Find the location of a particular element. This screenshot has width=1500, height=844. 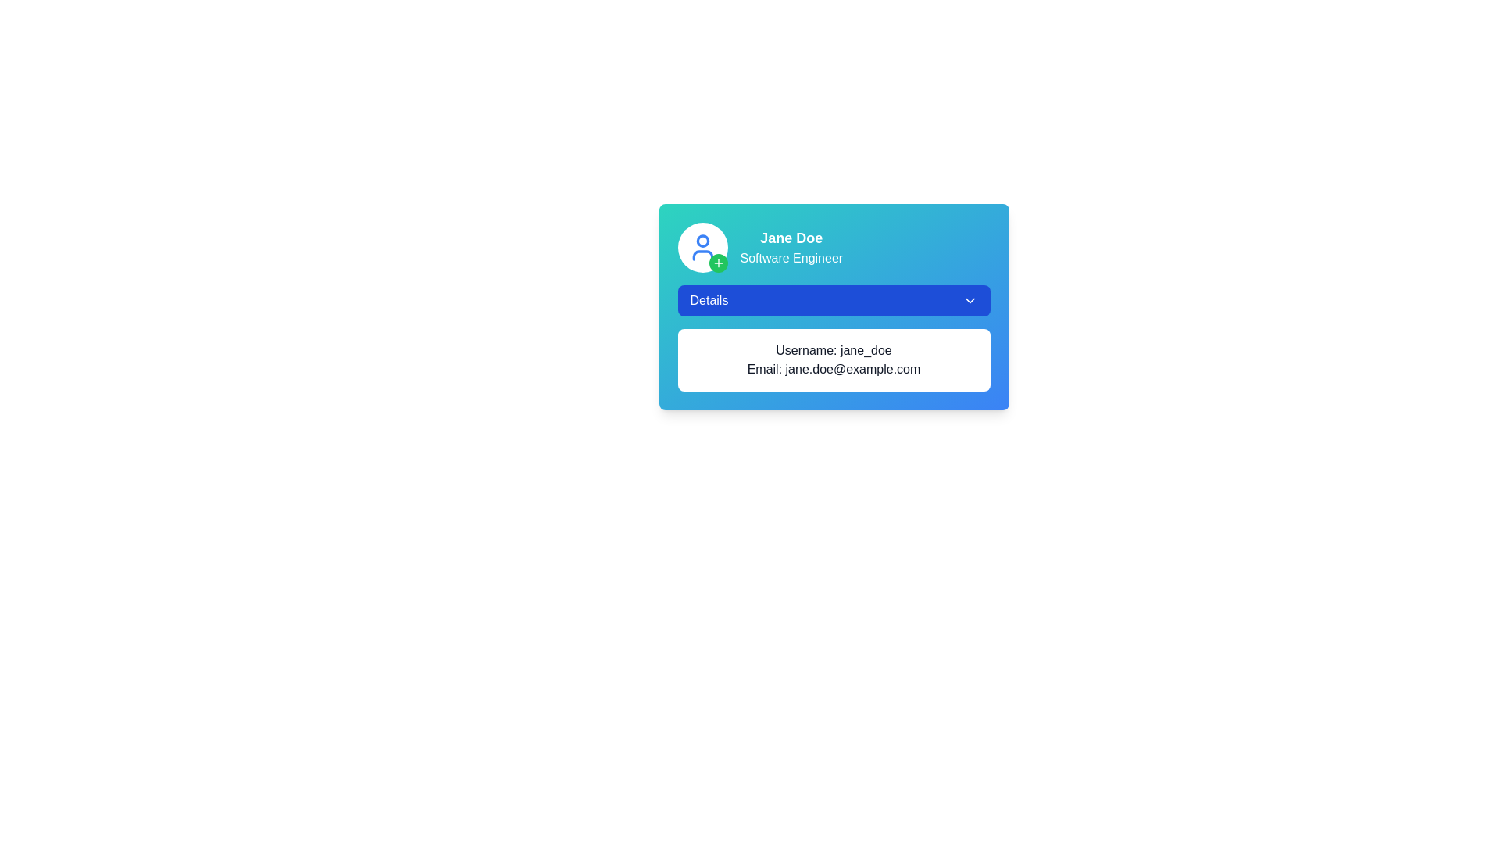

email address displayed in the text label located below the 'Username: jane_doe' text line within the white box on the blue card is located at coordinates (833, 370).